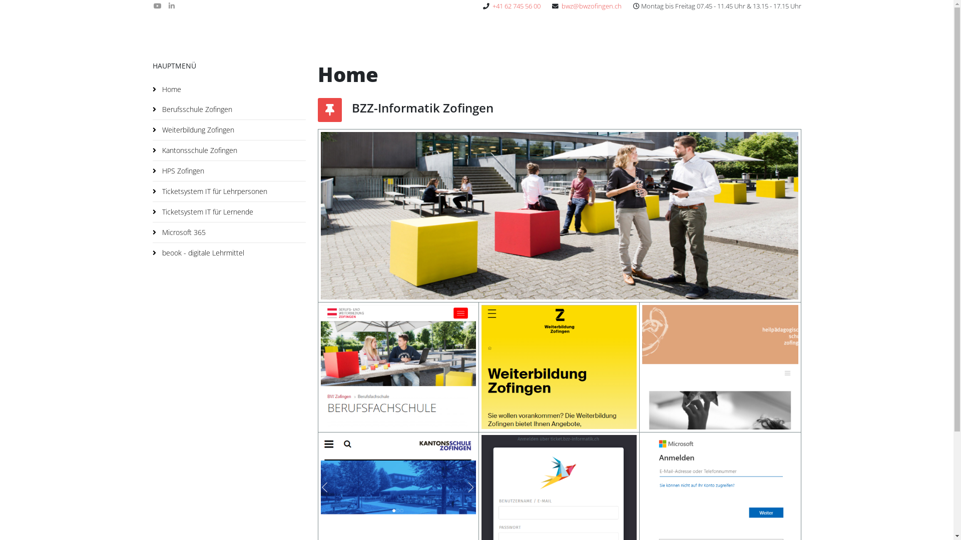  I want to click on '+41 62 745 56 00', so click(517, 6).